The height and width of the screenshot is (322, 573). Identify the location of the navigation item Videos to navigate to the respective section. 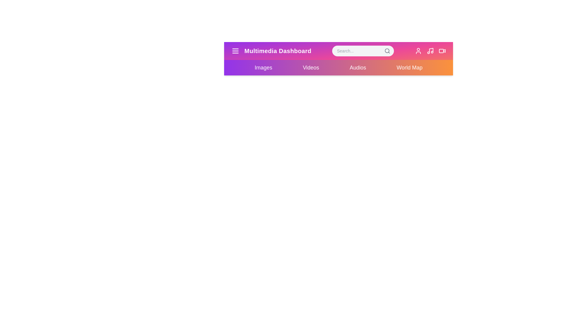
(310, 67).